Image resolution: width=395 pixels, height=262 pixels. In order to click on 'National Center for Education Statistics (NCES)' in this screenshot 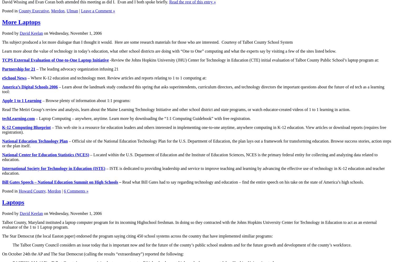, I will do `click(45, 155)`.